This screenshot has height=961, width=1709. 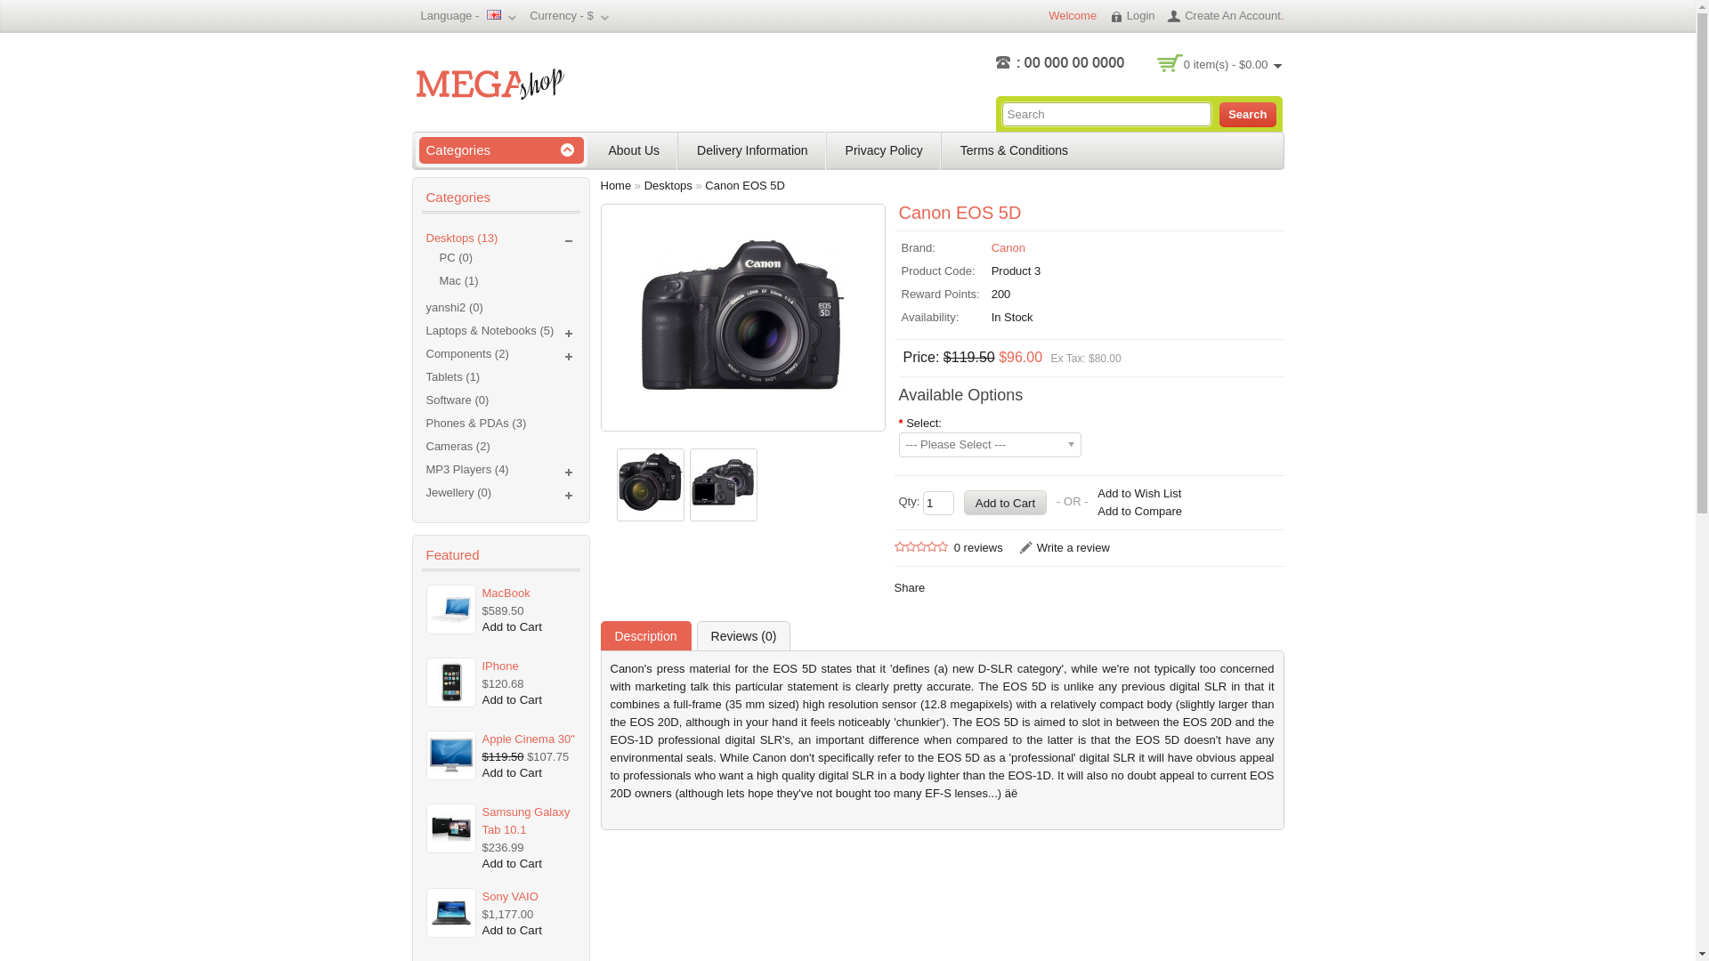 I want to click on 'Canon', so click(x=1008, y=247).